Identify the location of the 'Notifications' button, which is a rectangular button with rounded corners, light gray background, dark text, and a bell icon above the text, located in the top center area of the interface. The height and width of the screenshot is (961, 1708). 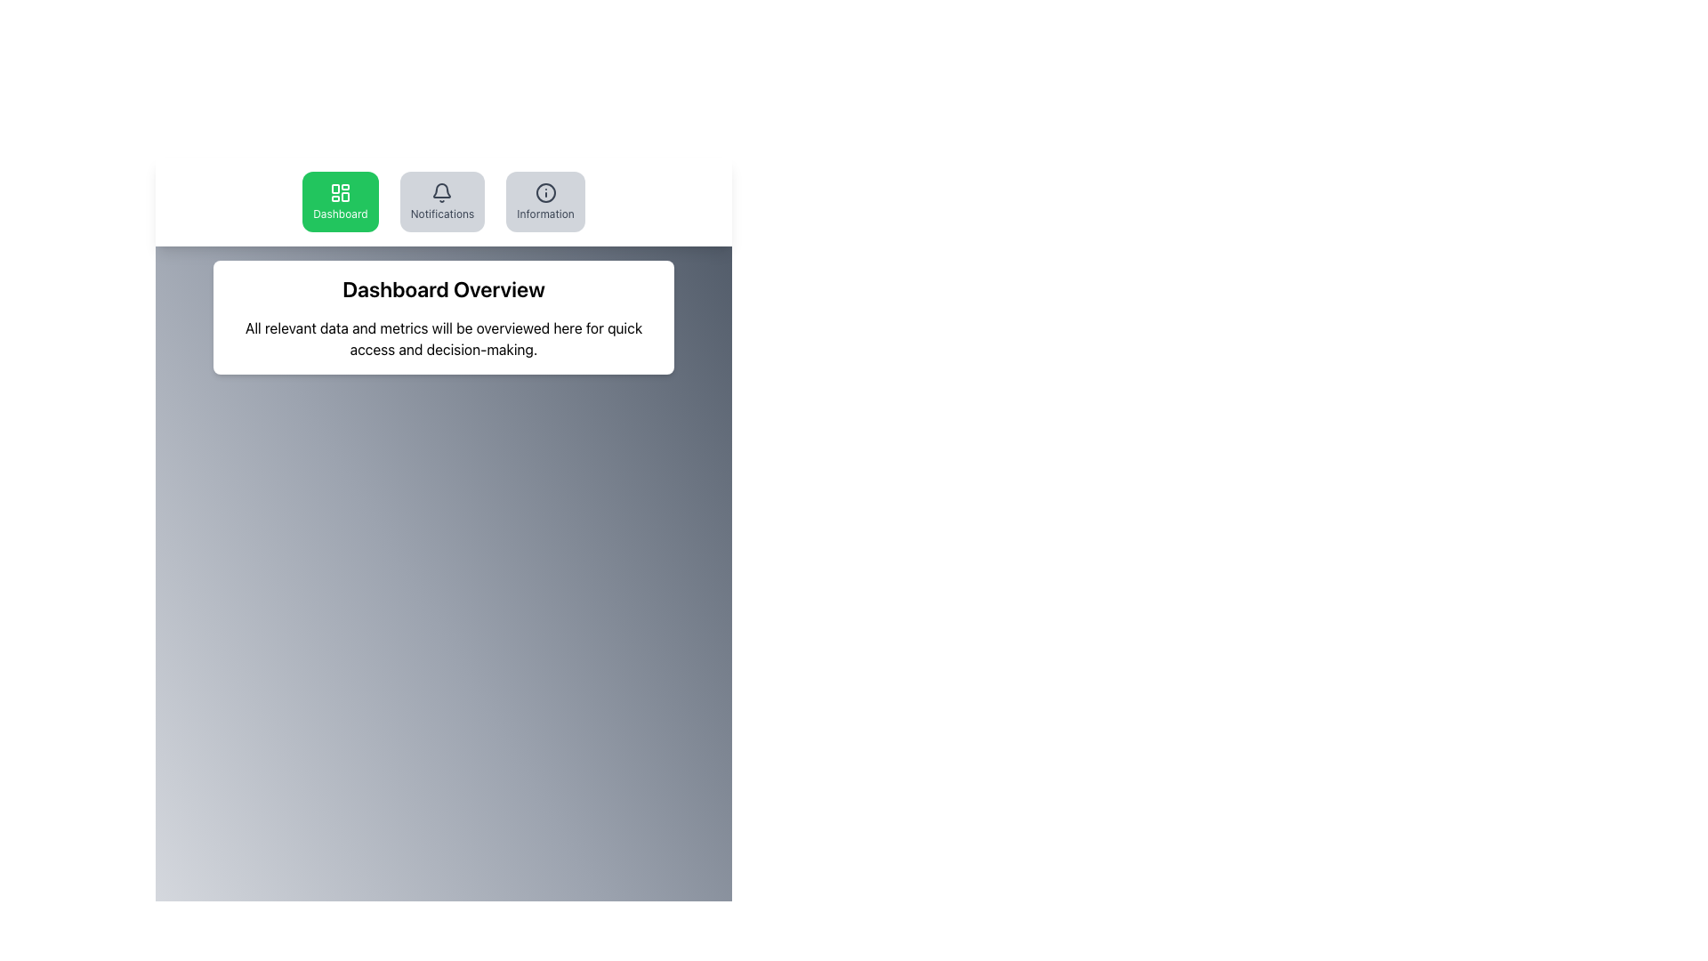
(442, 201).